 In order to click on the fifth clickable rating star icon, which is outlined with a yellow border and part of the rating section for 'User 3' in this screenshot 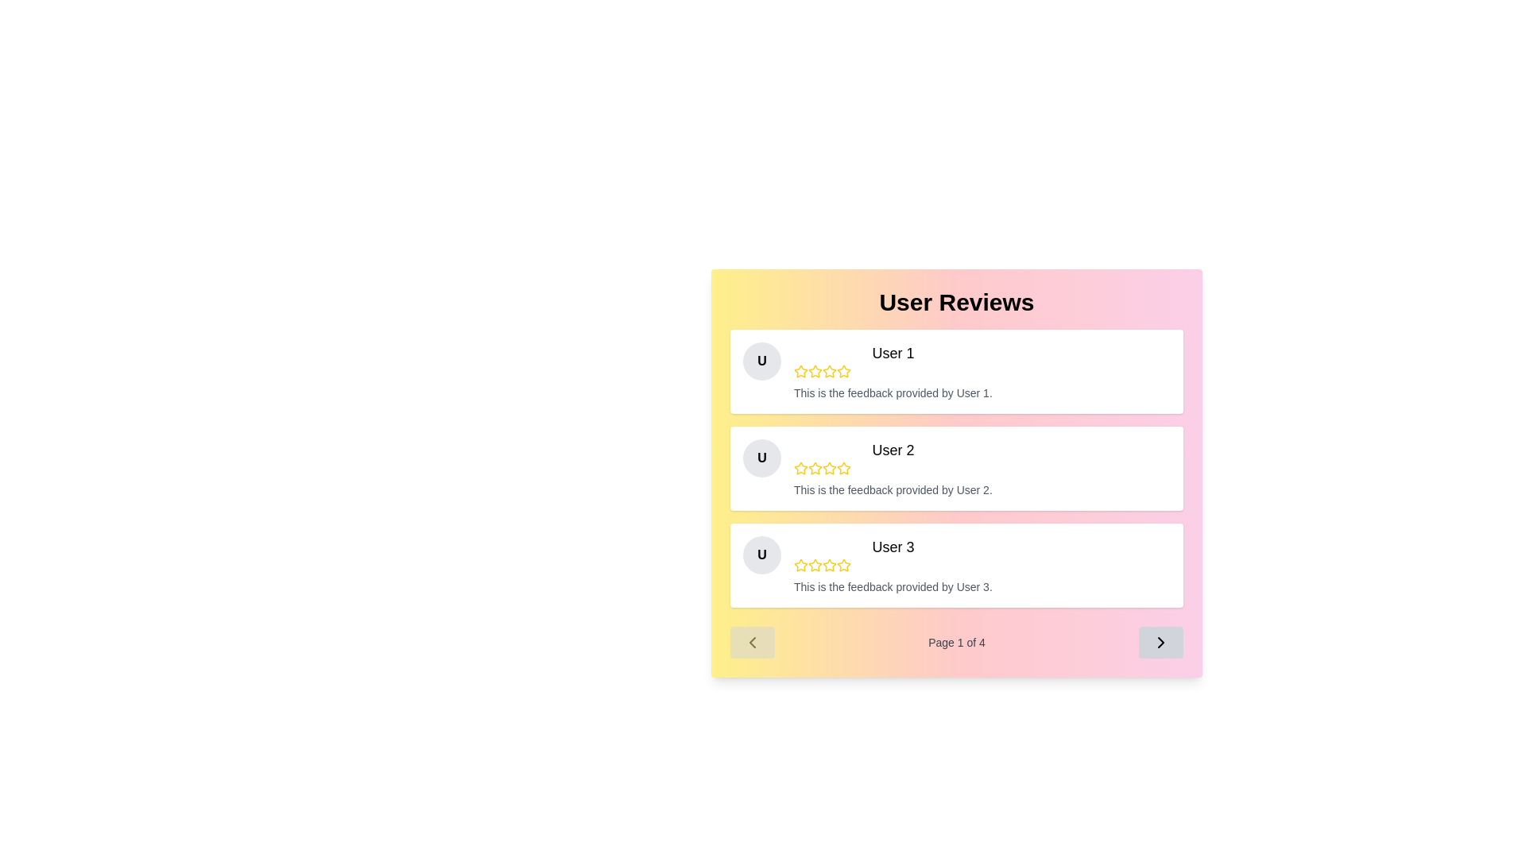, I will do `click(842, 565)`.